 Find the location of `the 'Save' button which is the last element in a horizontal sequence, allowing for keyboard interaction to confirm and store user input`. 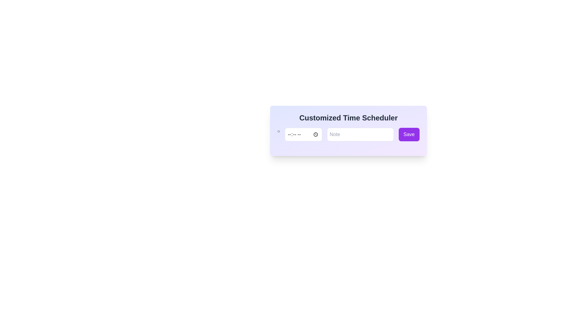

the 'Save' button which is the last element in a horizontal sequence, allowing for keyboard interaction to confirm and store user input is located at coordinates (409, 134).